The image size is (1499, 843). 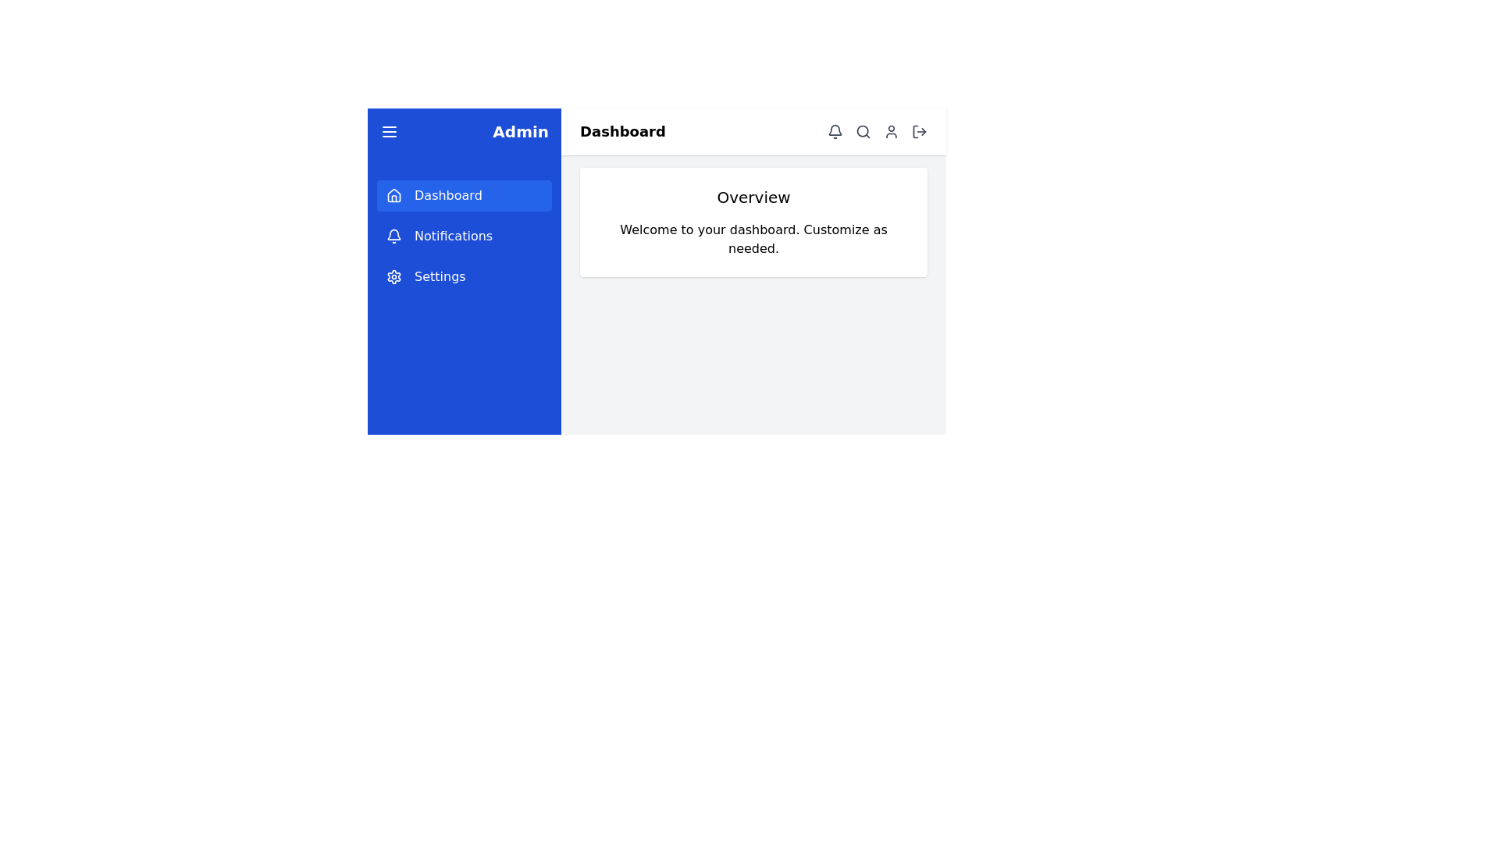 What do you see at coordinates (447, 194) in the screenshot?
I see `the 'Dashboard' navigation label located` at bounding box center [447, 194].